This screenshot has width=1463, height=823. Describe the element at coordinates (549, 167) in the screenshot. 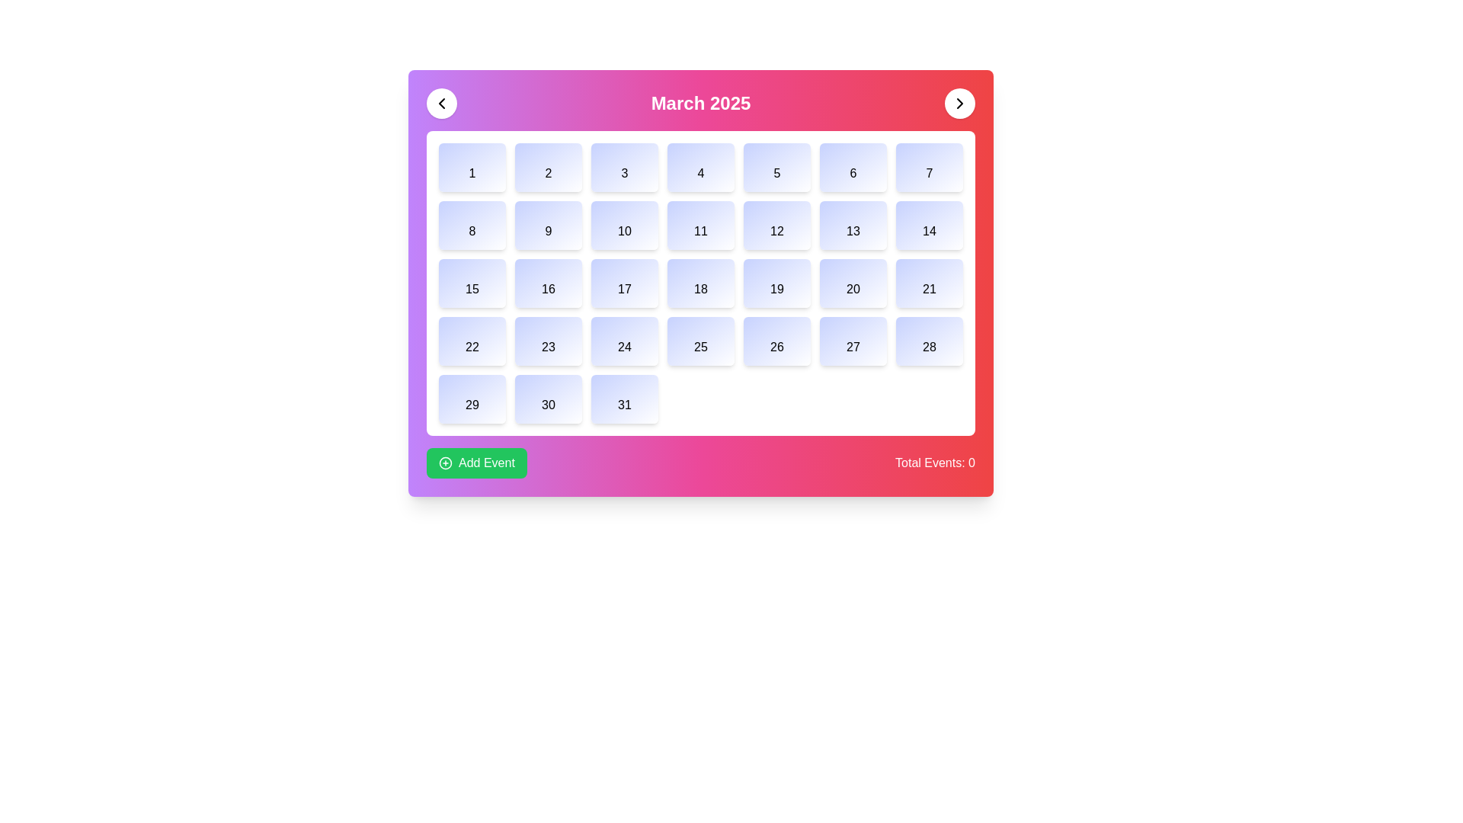

I see `the grid item representing the second day of the month in the calendar, located in the second column of the first row, between '1' and '3'` at that location.